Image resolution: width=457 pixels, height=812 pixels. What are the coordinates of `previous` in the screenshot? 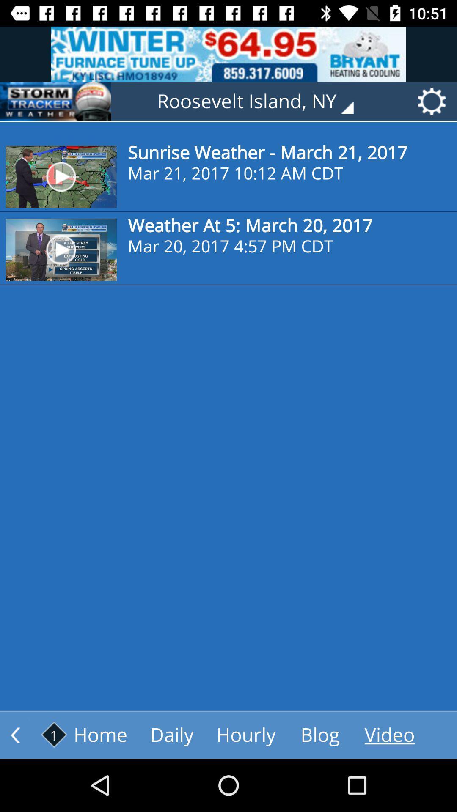 It's located at (15, 735).